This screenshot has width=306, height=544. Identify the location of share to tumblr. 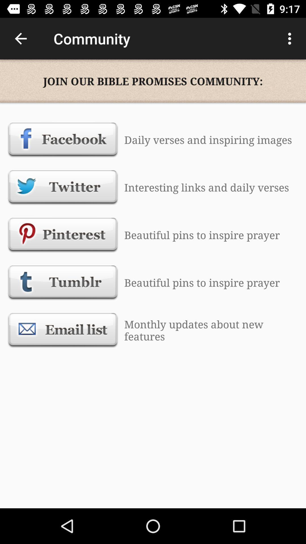
(63, 282).